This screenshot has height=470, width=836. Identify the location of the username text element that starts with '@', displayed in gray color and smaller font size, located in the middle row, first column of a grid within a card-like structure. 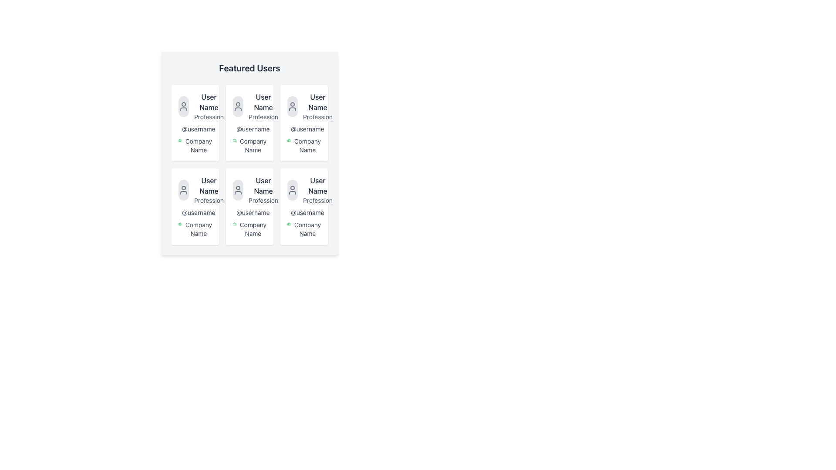
(195, 129).